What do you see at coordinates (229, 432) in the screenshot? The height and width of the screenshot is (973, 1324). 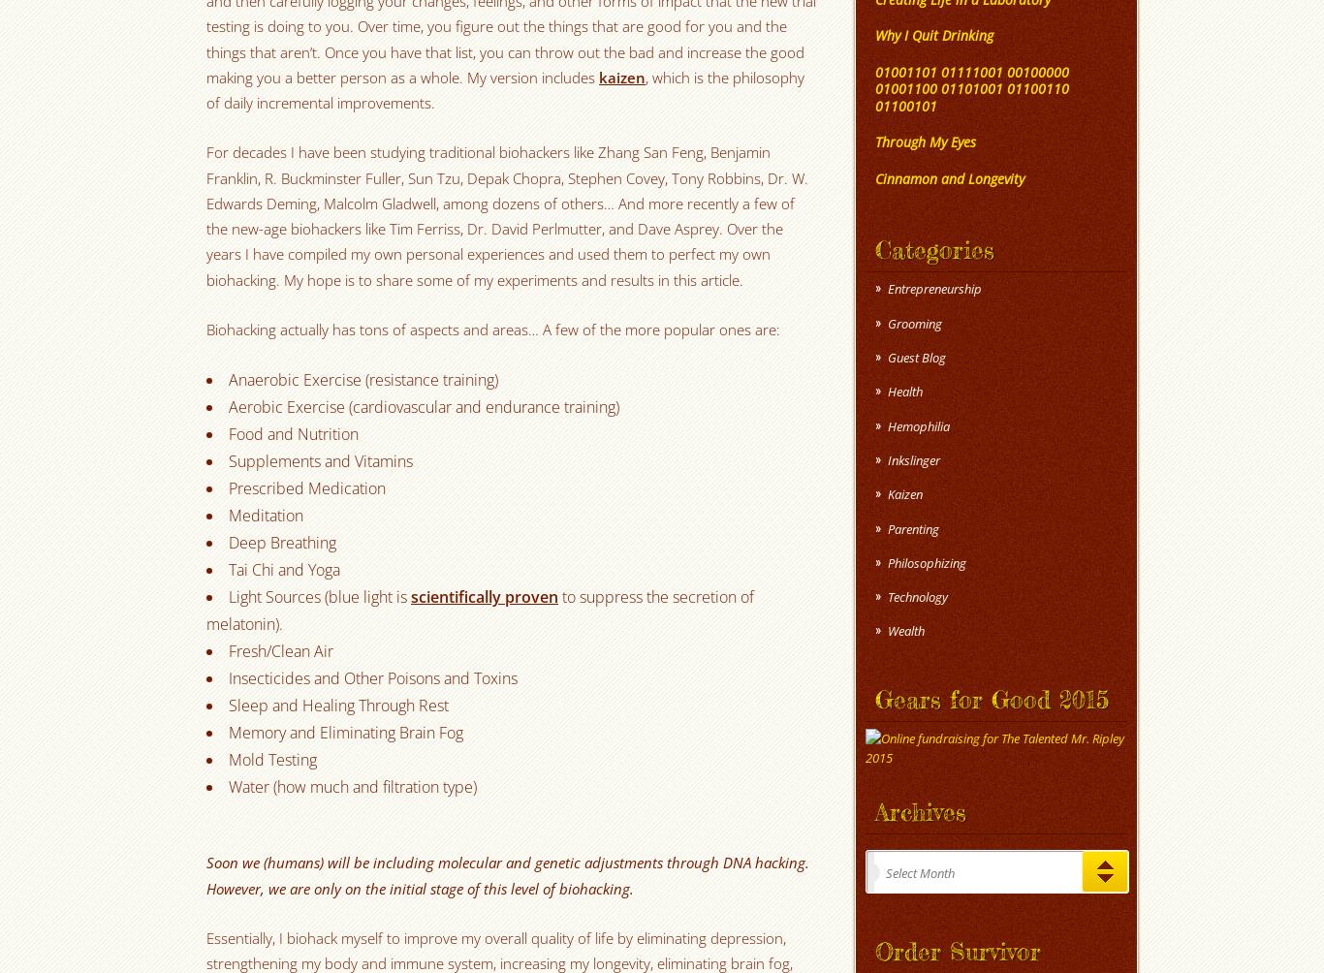 I see `'Food and Nutrition'` at bounding box center [229, 432].